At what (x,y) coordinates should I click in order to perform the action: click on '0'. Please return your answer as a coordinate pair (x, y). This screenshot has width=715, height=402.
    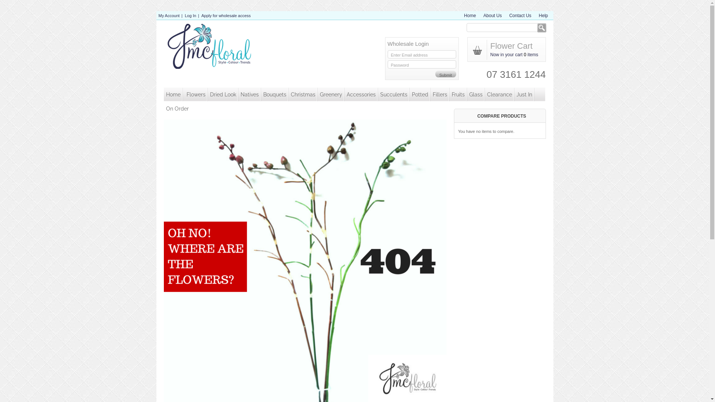
    Looking at the image, I should click on (525, 54).